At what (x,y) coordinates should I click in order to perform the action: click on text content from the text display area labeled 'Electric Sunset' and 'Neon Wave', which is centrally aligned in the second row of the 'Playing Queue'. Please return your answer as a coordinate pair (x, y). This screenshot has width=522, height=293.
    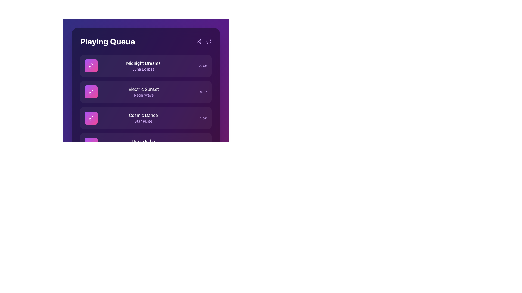
    Looking at the image, I should click on (144, 92).